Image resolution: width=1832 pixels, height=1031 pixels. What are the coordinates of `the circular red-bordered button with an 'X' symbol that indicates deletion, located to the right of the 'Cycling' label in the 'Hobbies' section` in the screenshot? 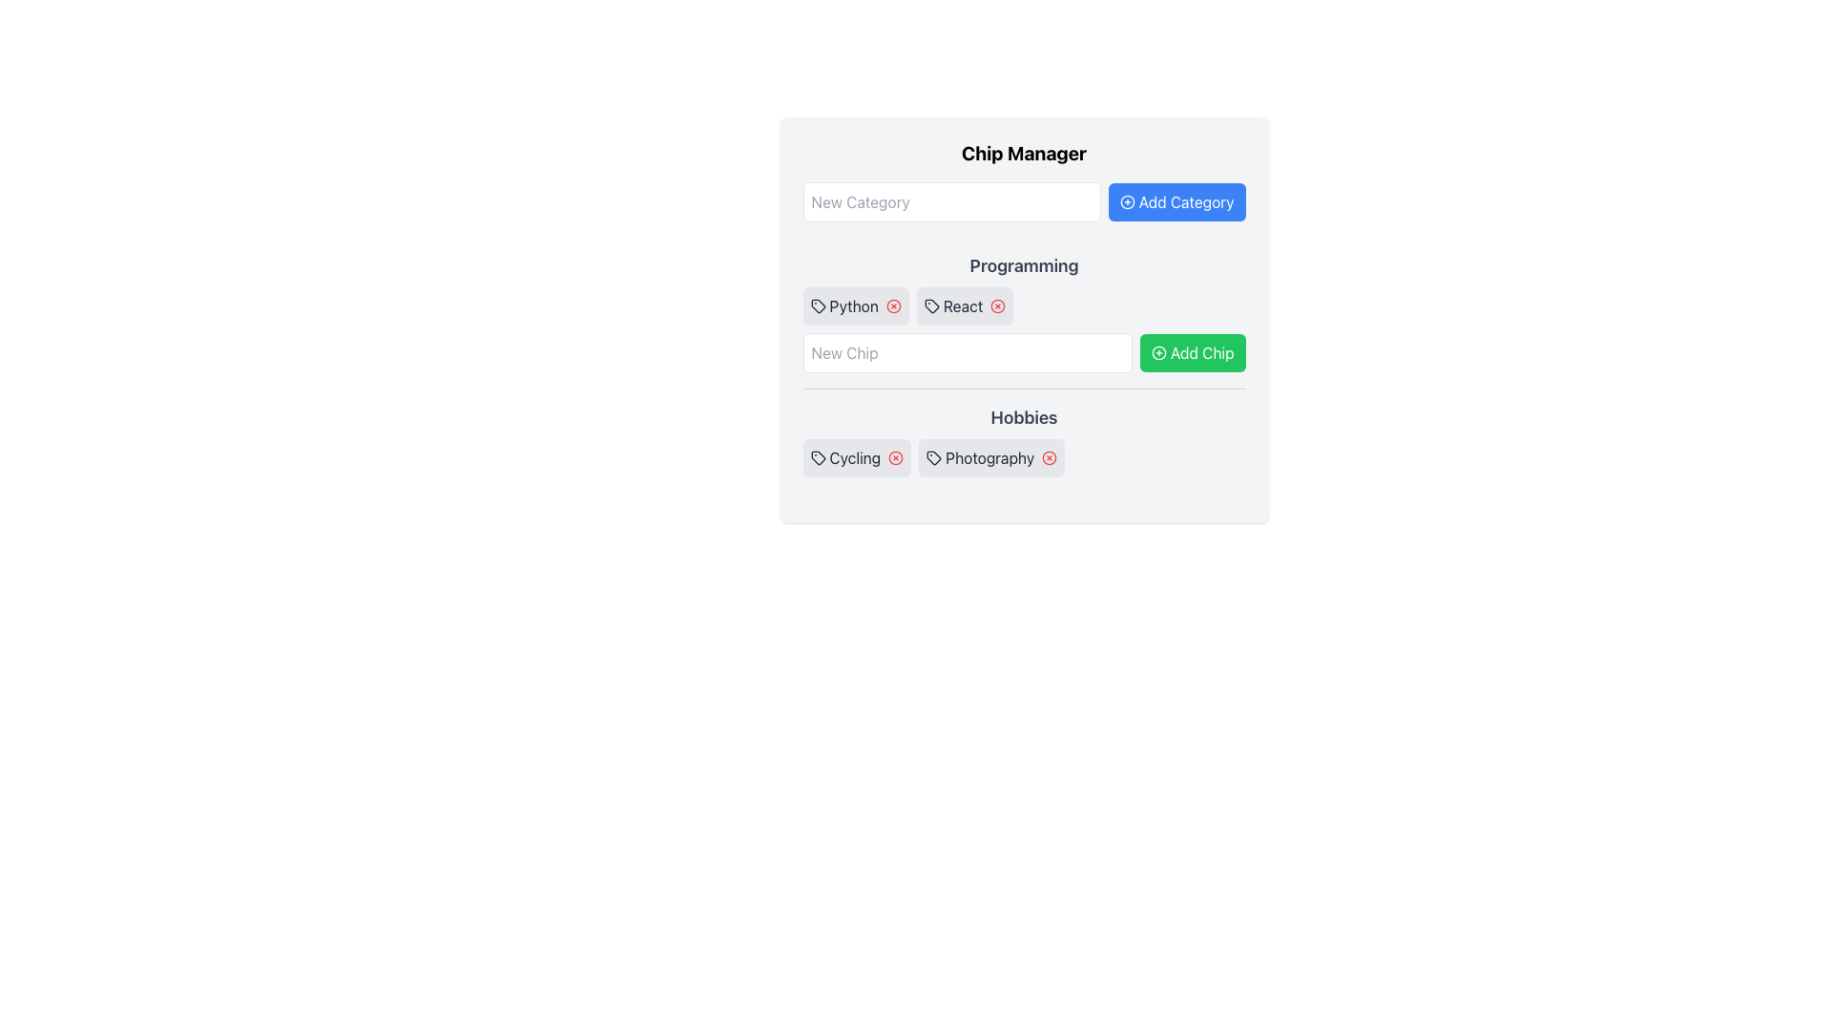 It's located at (891, 457).